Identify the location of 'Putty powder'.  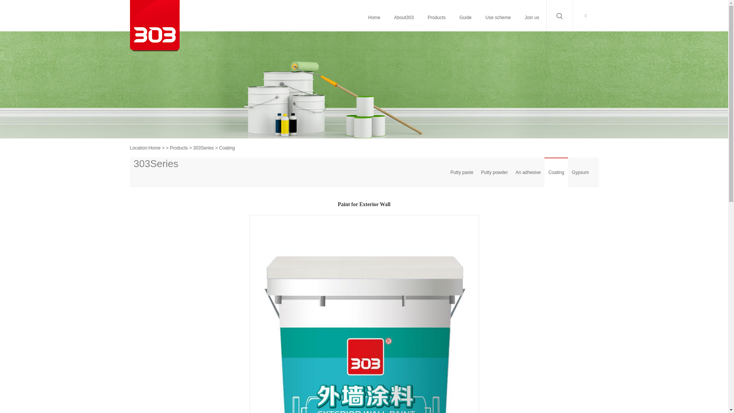
(477, 172).